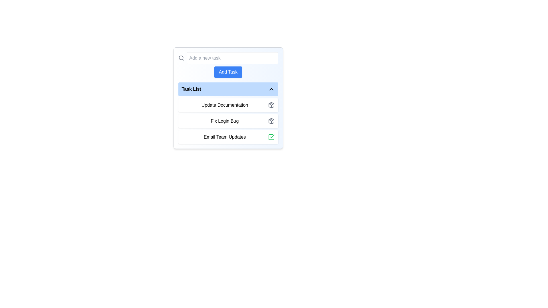 Image resolution: width=548 pixels, height=308 pixels. Describe the element at coordinates (181, 58) in the screenshot. I see `the circular magnifying glass lens icon, which is a decorative component of an SVG graphic located at the top-left corner of the search bar interface` at that location.